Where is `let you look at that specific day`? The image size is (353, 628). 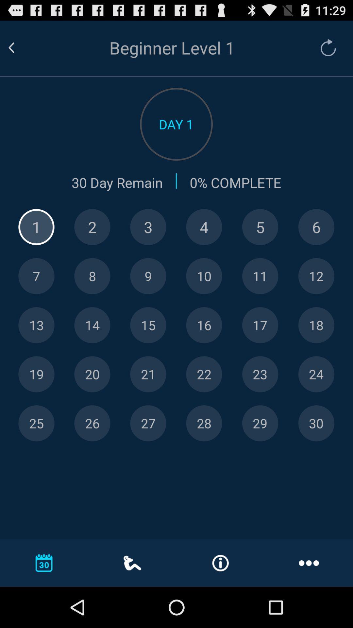
let you look at that specific day is located at coordinates (36, 423).